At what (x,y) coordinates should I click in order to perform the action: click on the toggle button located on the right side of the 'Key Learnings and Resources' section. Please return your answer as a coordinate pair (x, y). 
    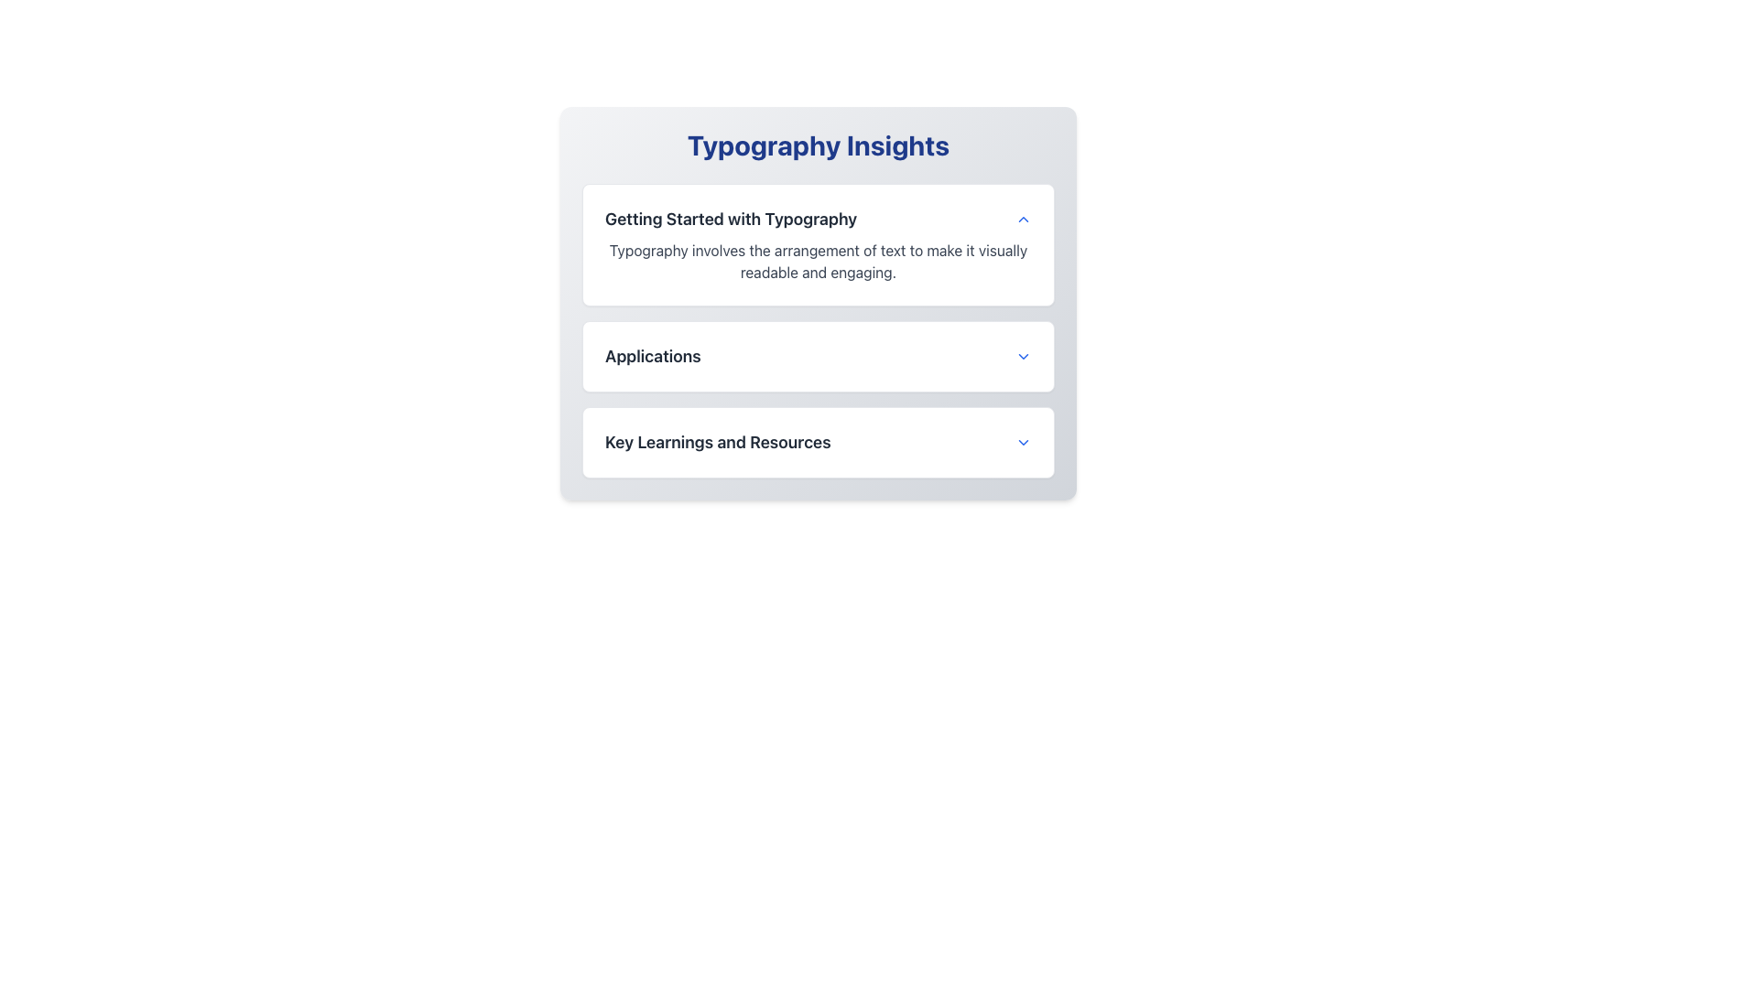
    Looking at the image, I should click on (1023, 442).